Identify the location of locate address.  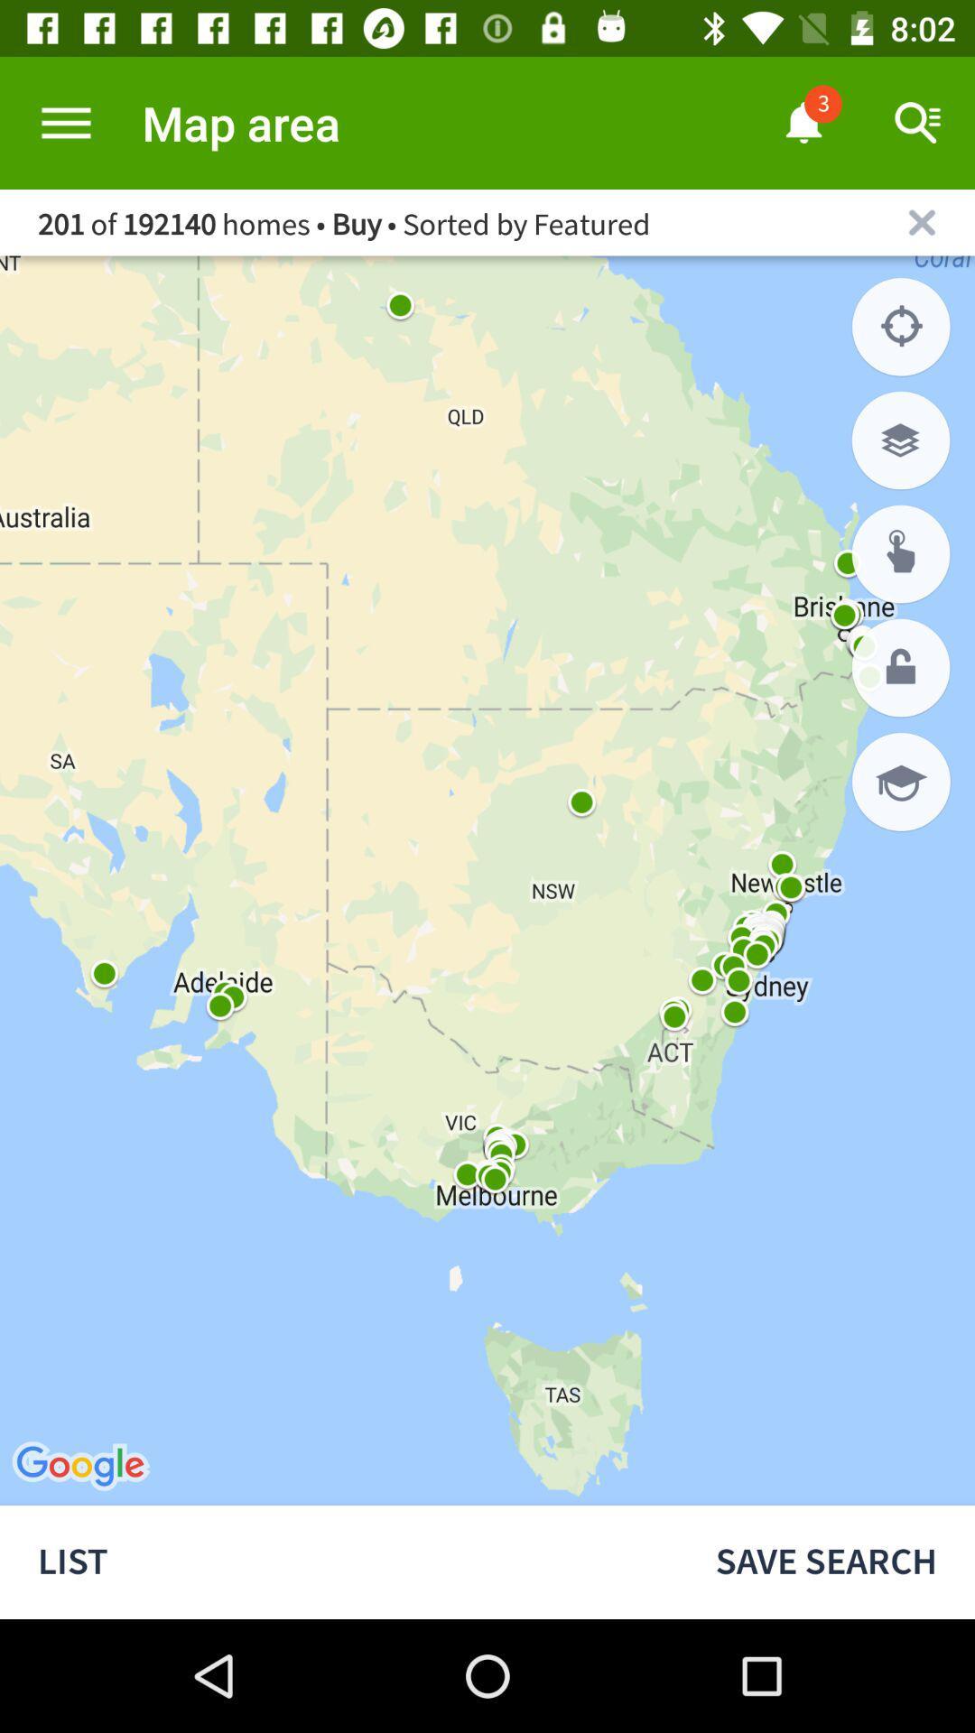
(901, 553).